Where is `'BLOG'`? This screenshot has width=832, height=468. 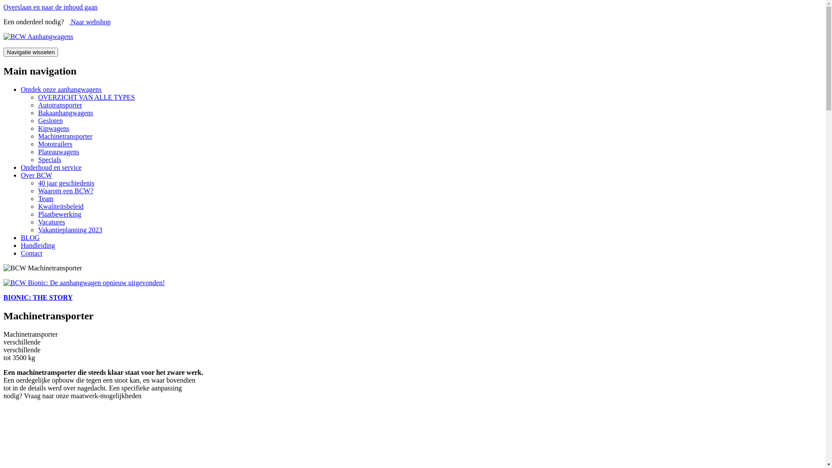 'BLOG' is located at coordinates (30, 237).